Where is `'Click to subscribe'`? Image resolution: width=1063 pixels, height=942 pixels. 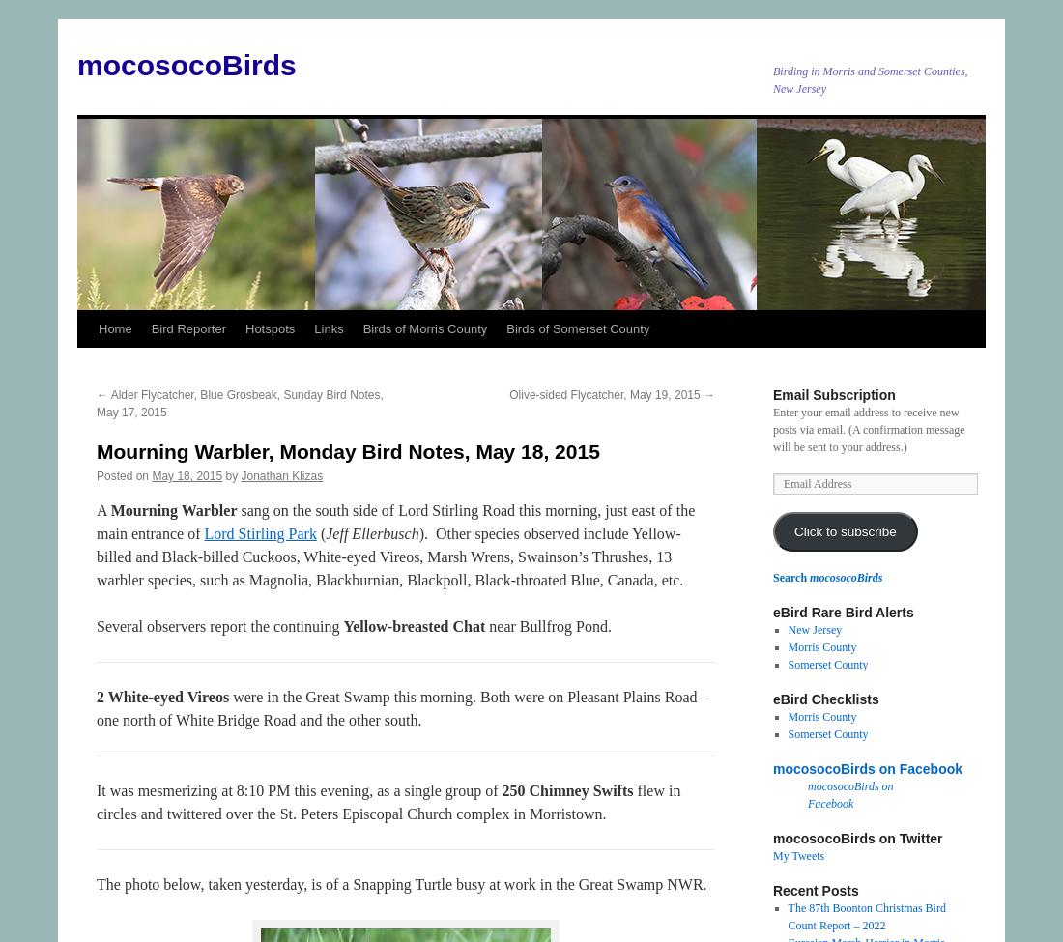 'Click to subscribe' is located at coordinates (843, 530).